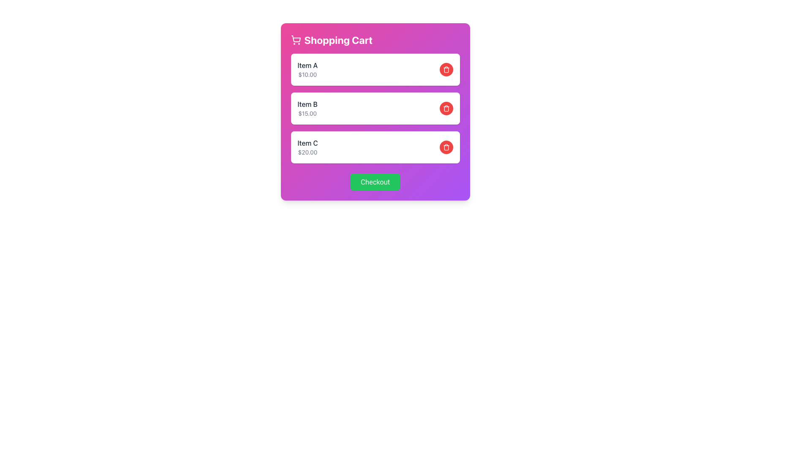  Describe the element at coordinates (446, 108) in the screenshot. I see `the circular red button with a white trash bin icon` at that location.